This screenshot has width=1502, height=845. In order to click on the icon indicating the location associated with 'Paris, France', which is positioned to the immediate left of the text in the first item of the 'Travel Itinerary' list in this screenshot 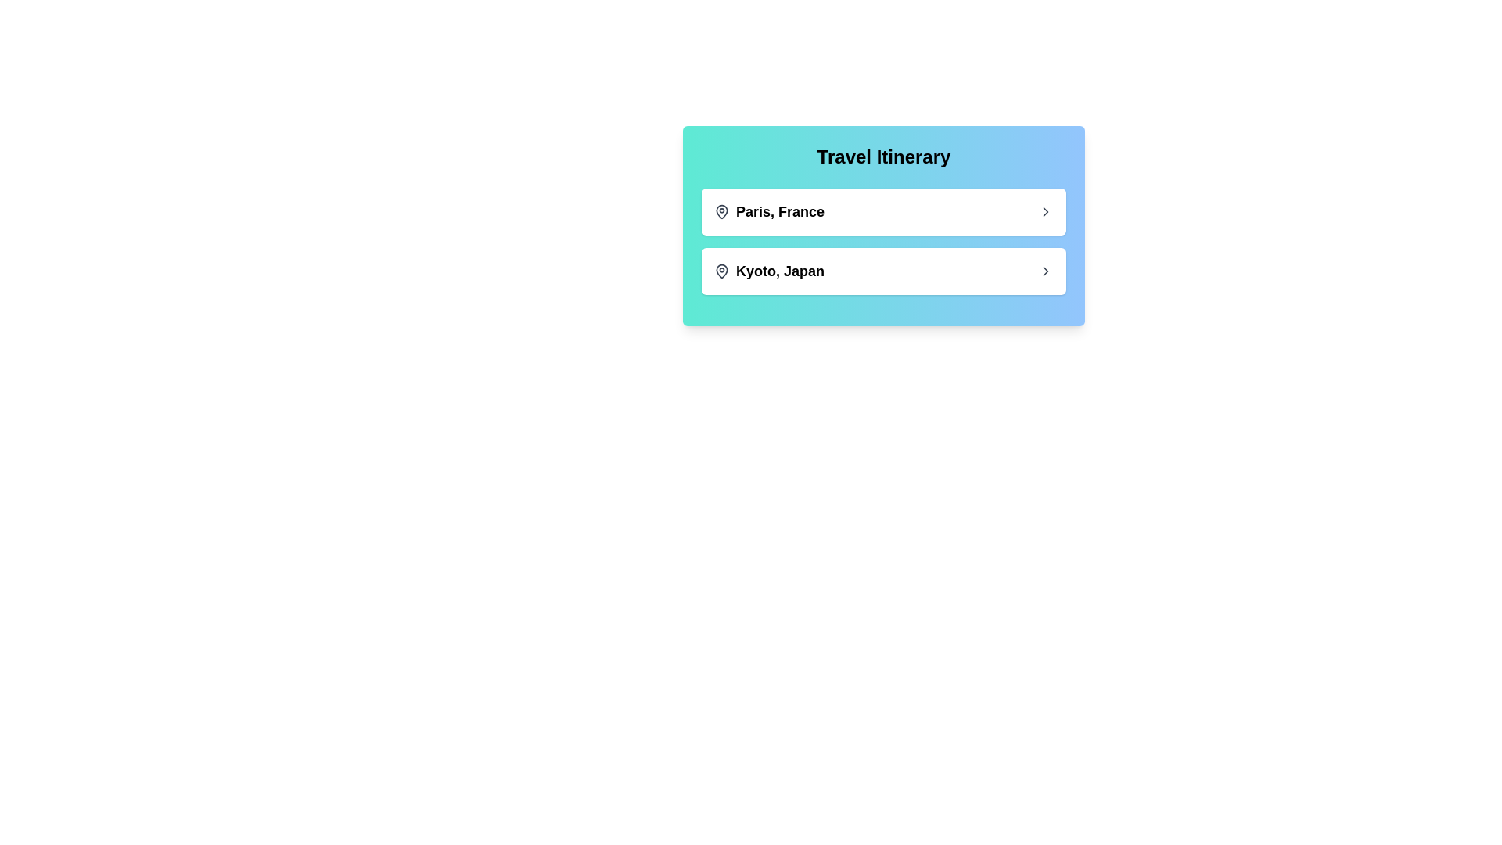, I will do `click(720, 211)`.